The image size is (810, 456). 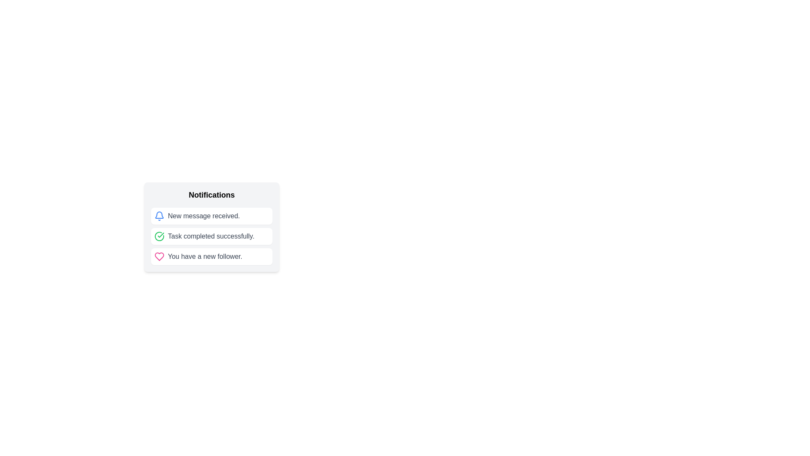 I want to click on the green checkmark icon within the second notification entry in the centered notification popup, so click(x=161, y=235).